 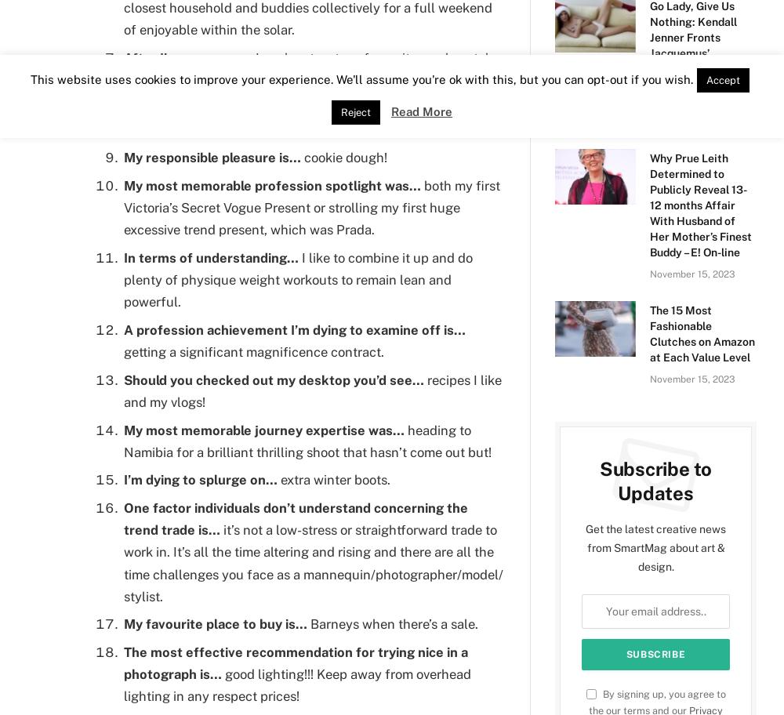 I want to click on 'both my first Victoria’s Secret Vogue Present or strolling my first huge excessive trend present, which was Prada.', so click(x=312, y=207).